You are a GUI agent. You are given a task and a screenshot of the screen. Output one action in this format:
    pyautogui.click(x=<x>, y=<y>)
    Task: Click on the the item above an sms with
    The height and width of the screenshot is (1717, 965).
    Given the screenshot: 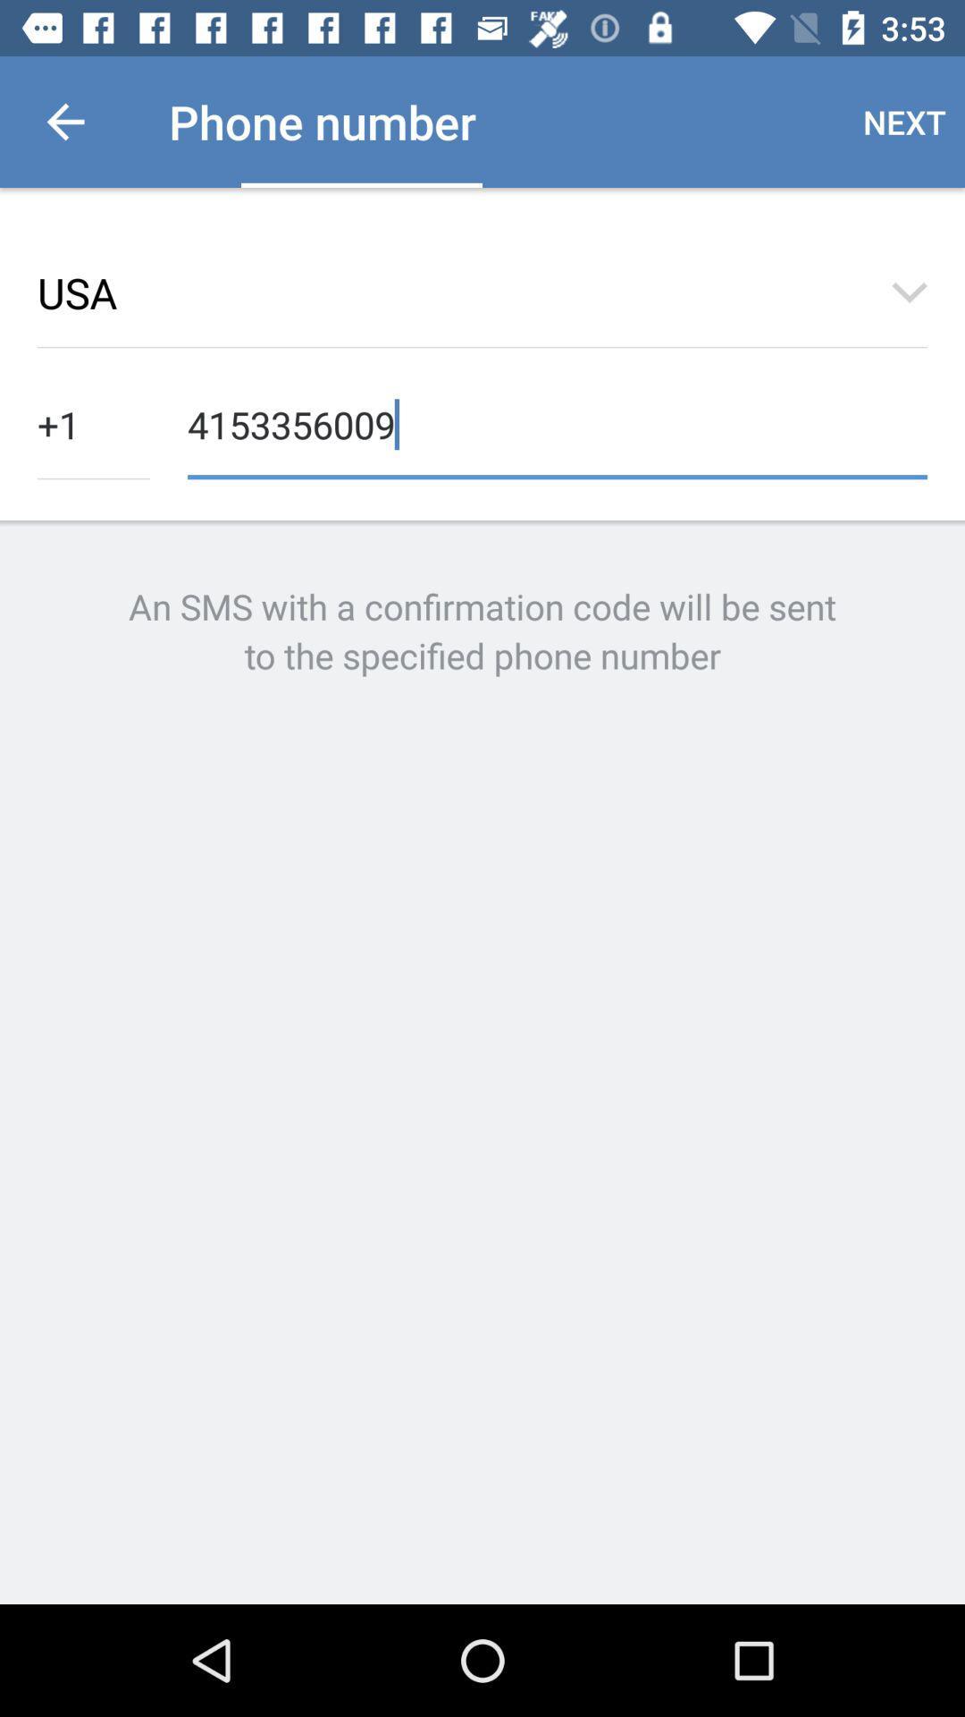 What is the action you would take?
    pyautogui.click(x=93, y=422)
    